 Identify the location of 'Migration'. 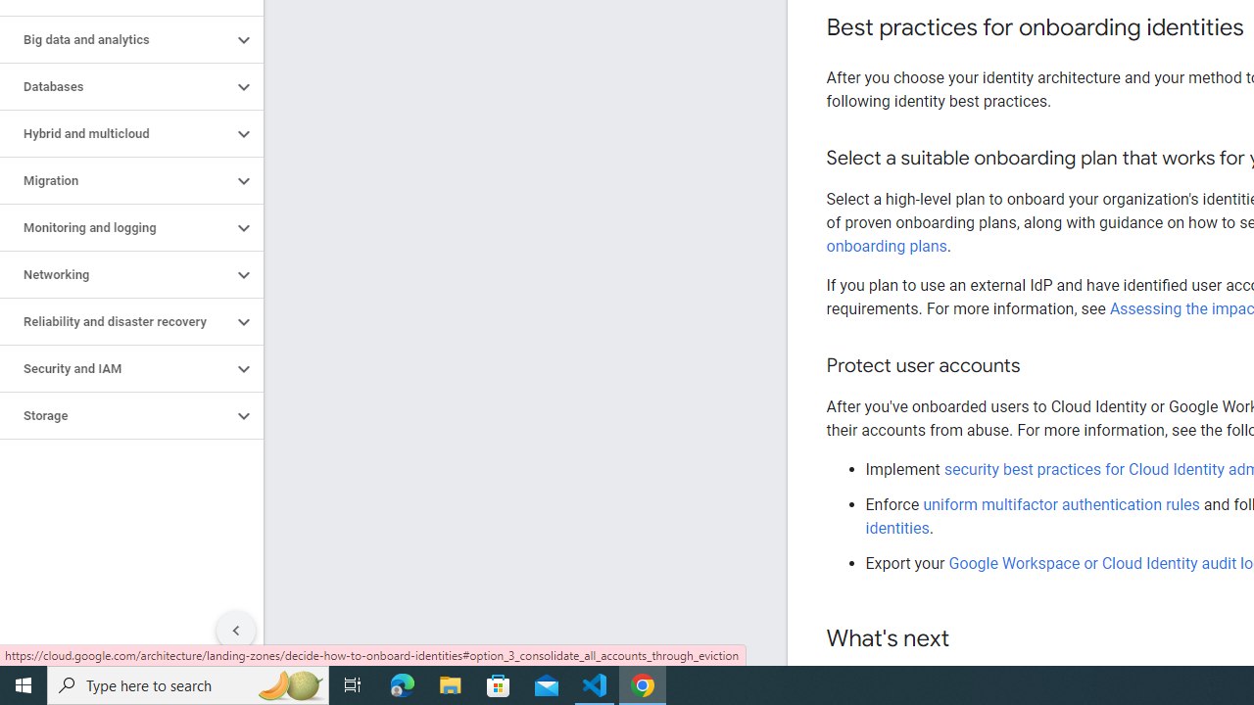
(115, 181).